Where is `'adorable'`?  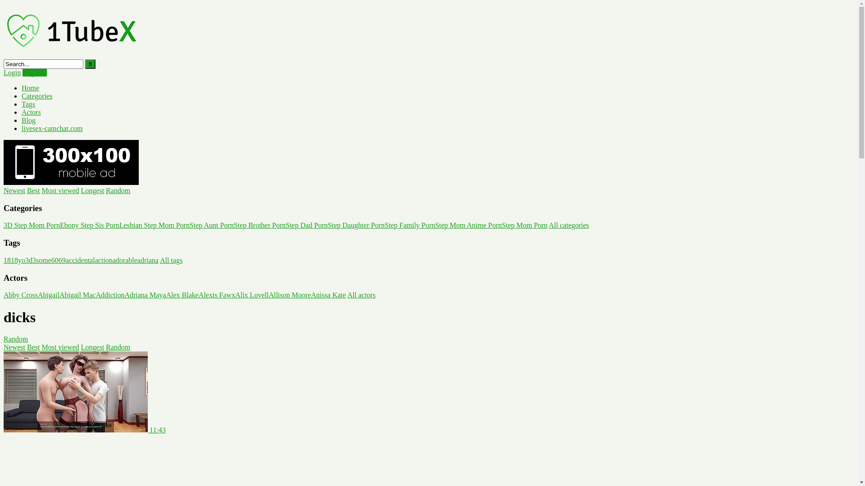 'adorable' is located at coordinates (124, 260).